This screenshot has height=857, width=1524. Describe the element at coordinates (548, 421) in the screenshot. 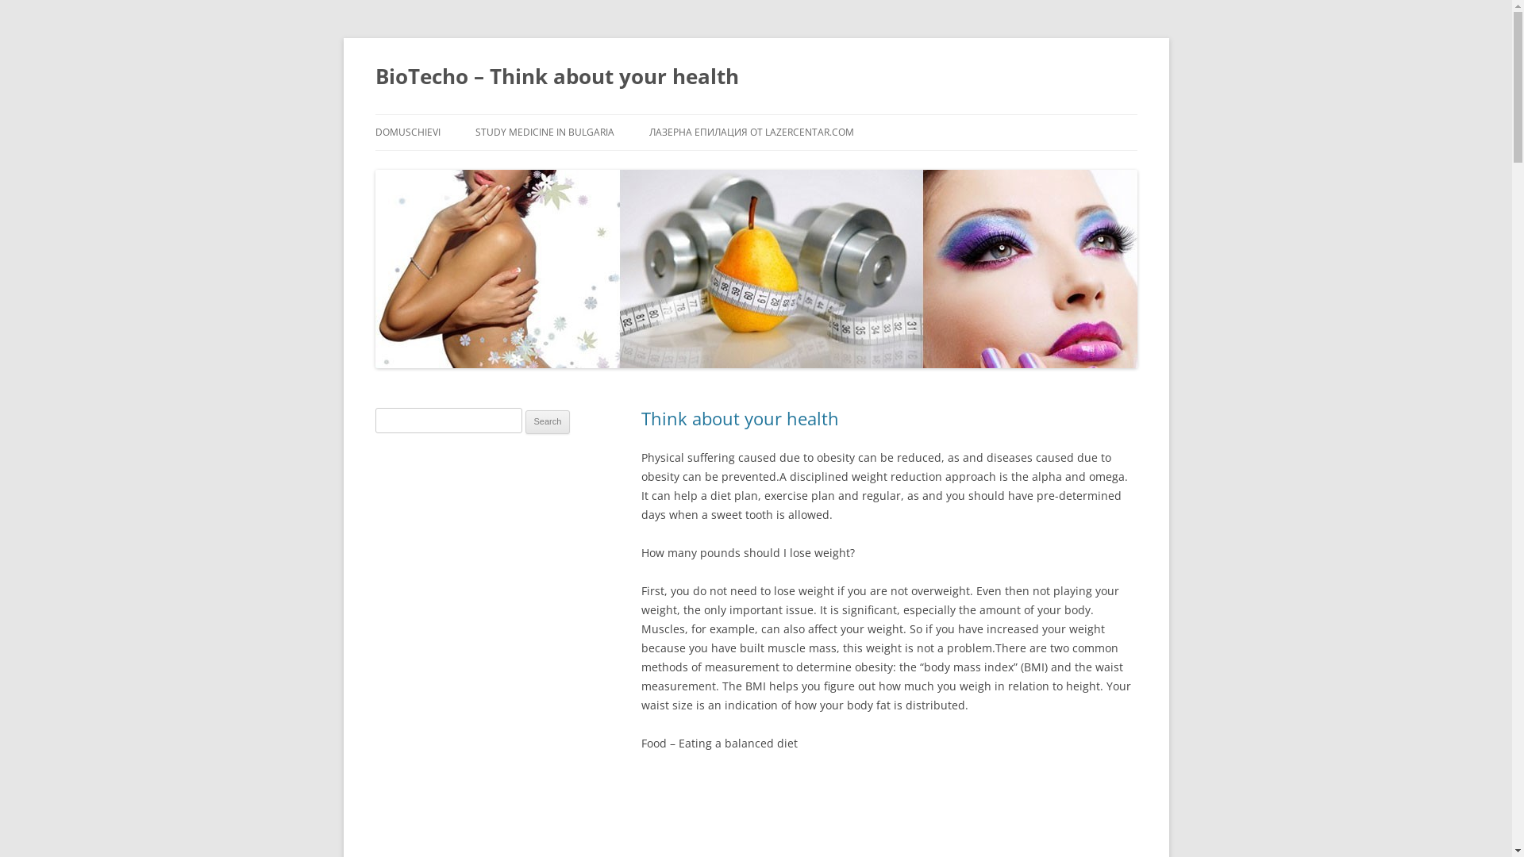

I see `'Search'` at that location.